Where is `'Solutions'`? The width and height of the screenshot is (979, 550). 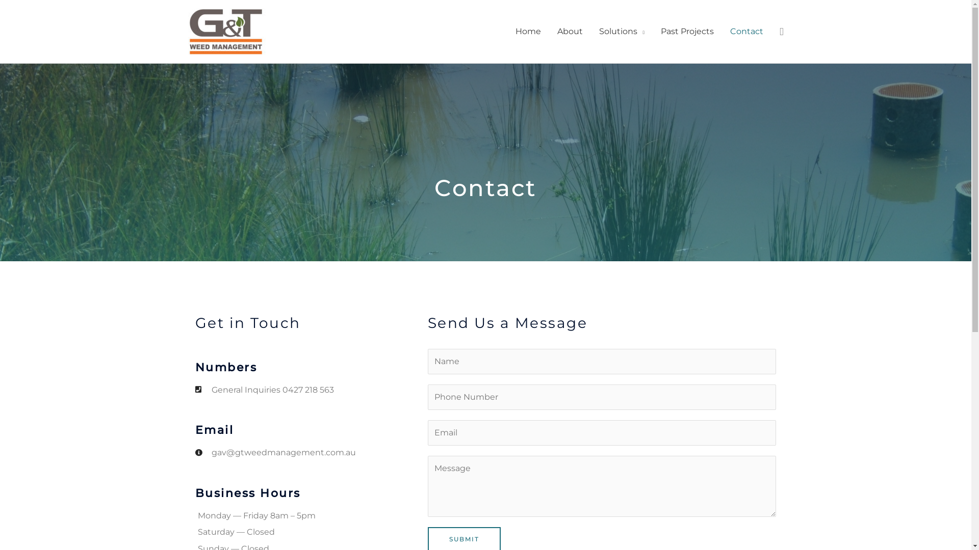 'Solutions' is located at coordinates (621, 31).